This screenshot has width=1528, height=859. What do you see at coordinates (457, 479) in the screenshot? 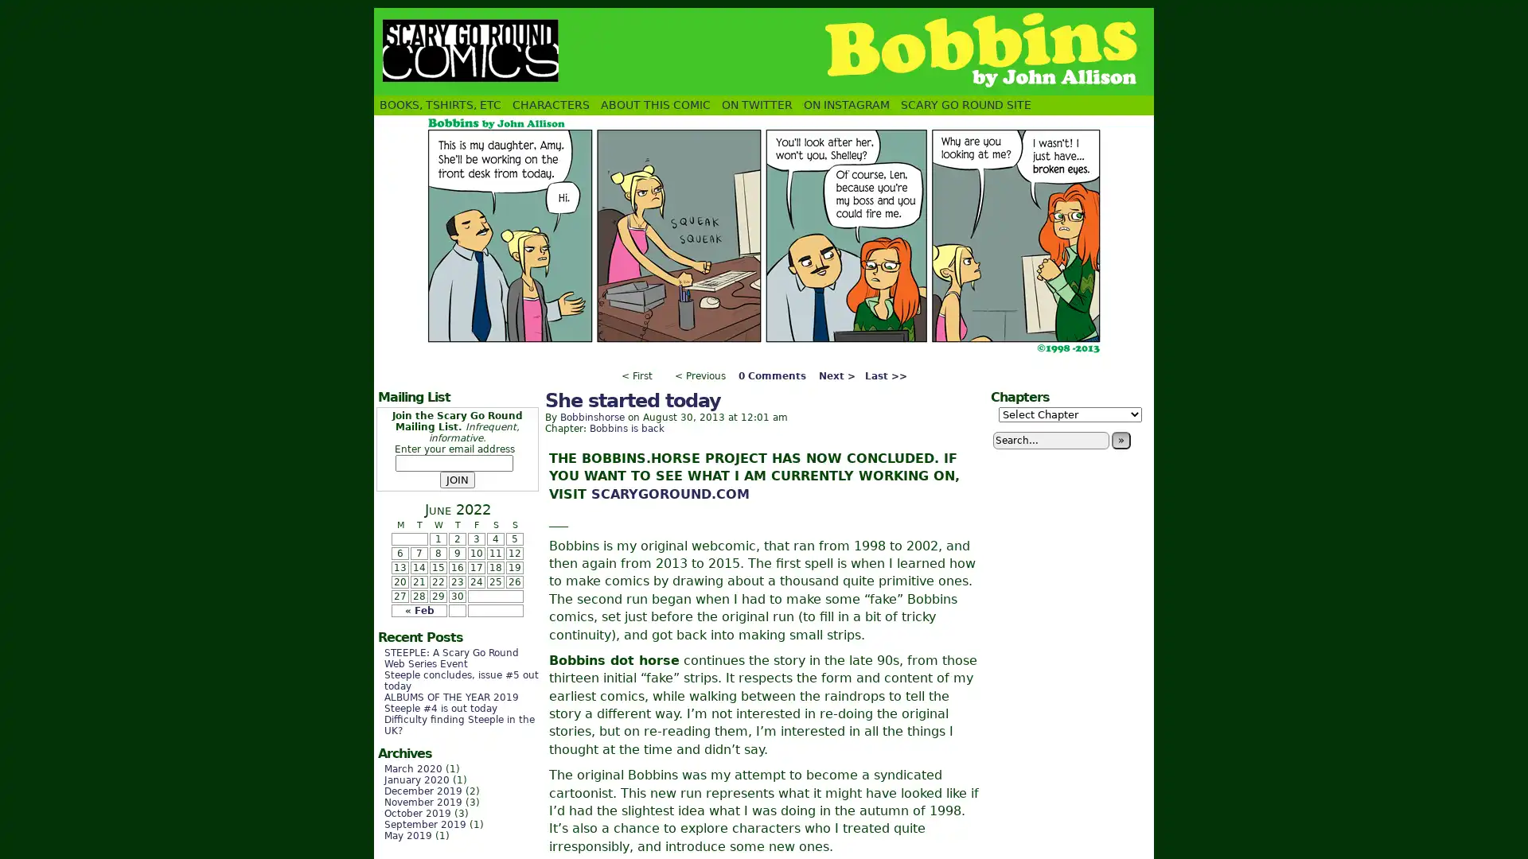
I see `JOIN` at bounding box center [457, 479].